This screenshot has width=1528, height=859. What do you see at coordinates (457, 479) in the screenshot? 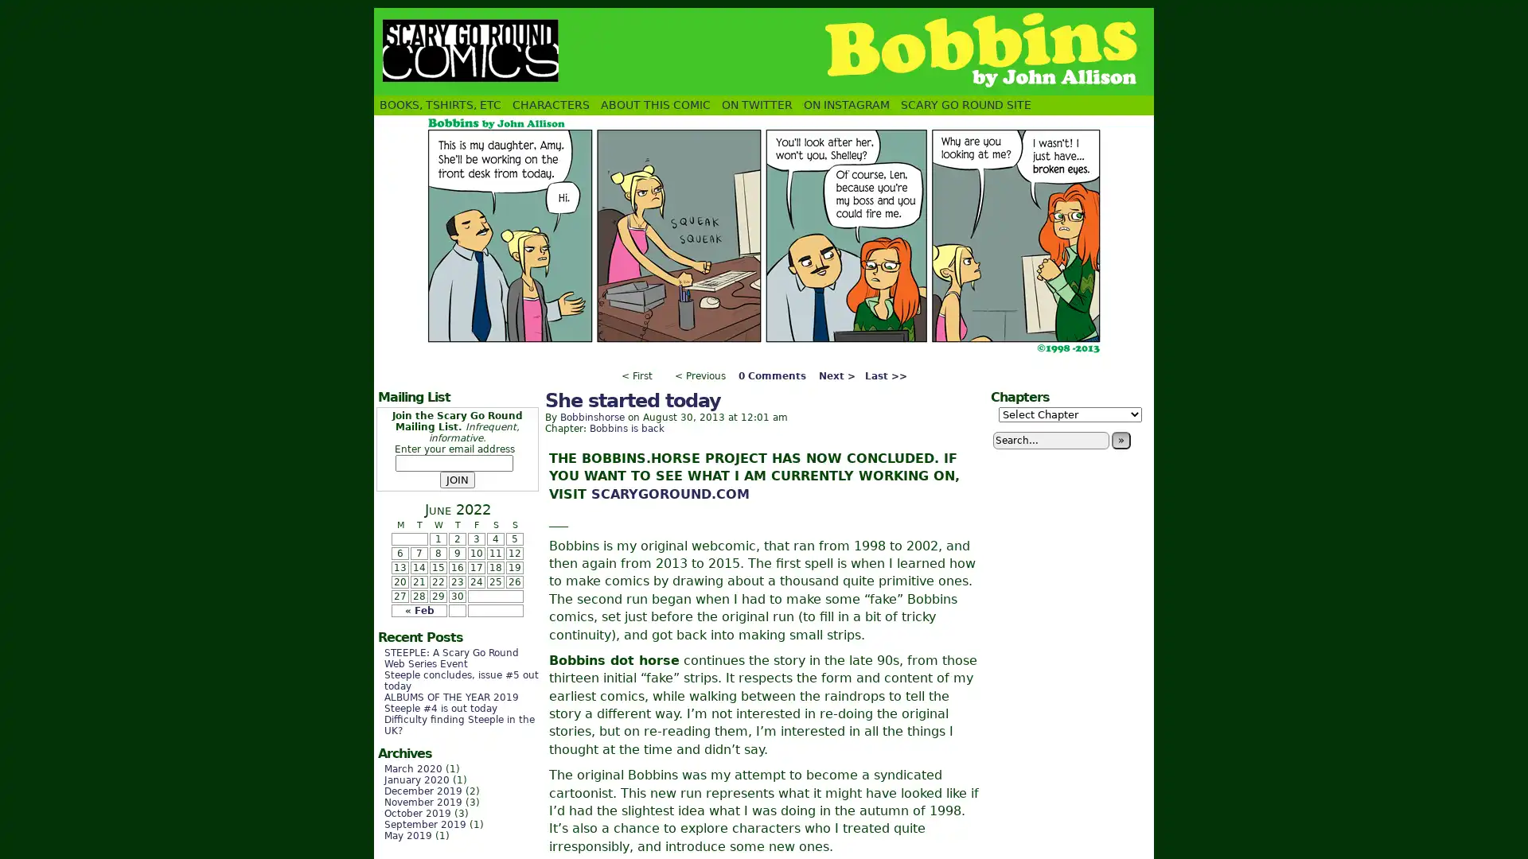
I see `JOIN` at bounding box center [457, 479].